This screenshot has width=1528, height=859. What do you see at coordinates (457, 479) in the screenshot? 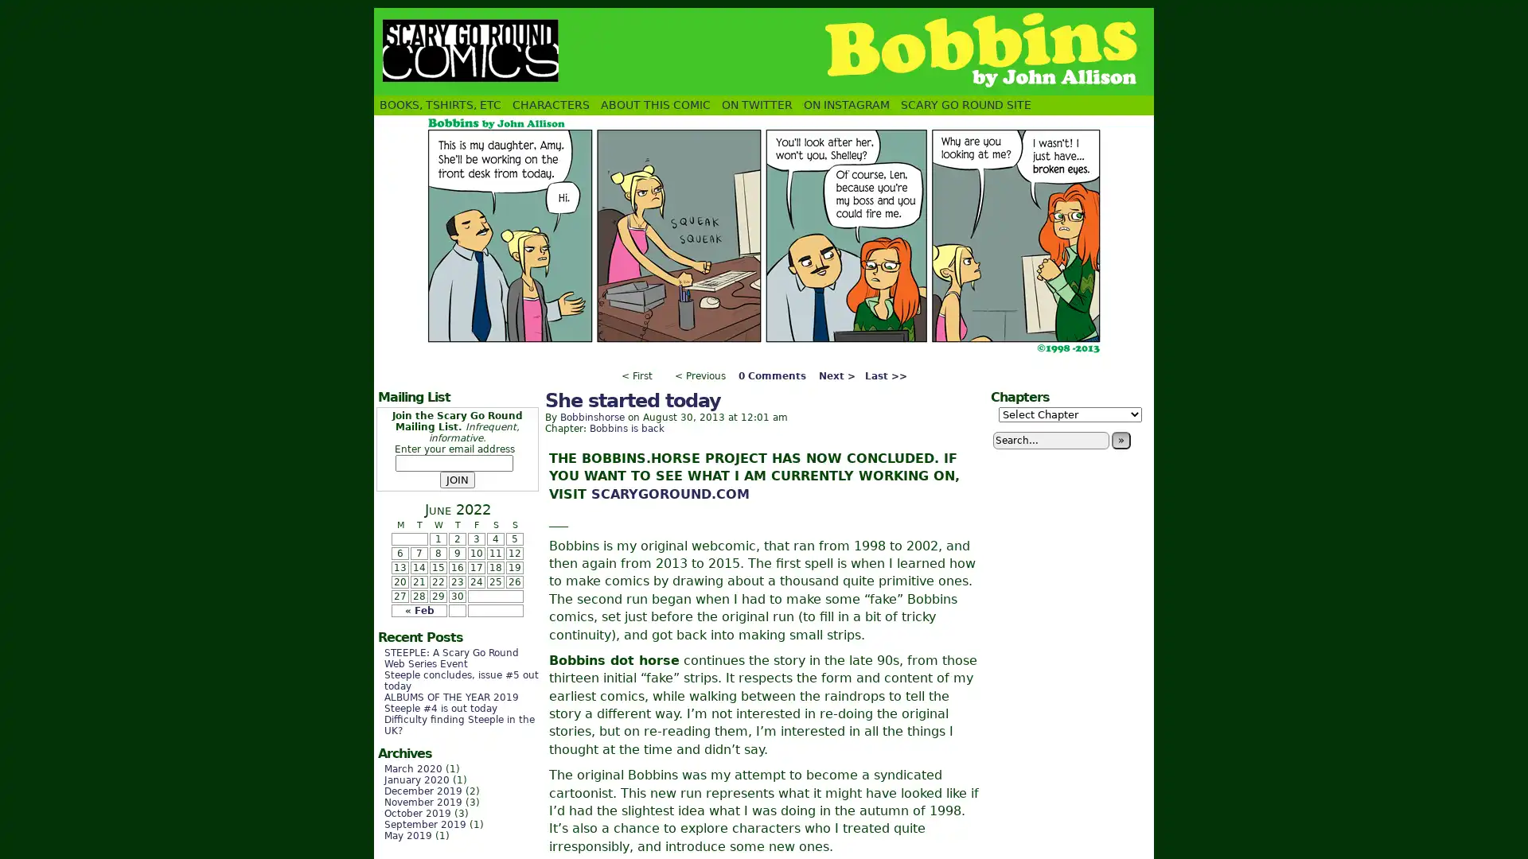
I see `JOIN` at bounding box center [457, 479].